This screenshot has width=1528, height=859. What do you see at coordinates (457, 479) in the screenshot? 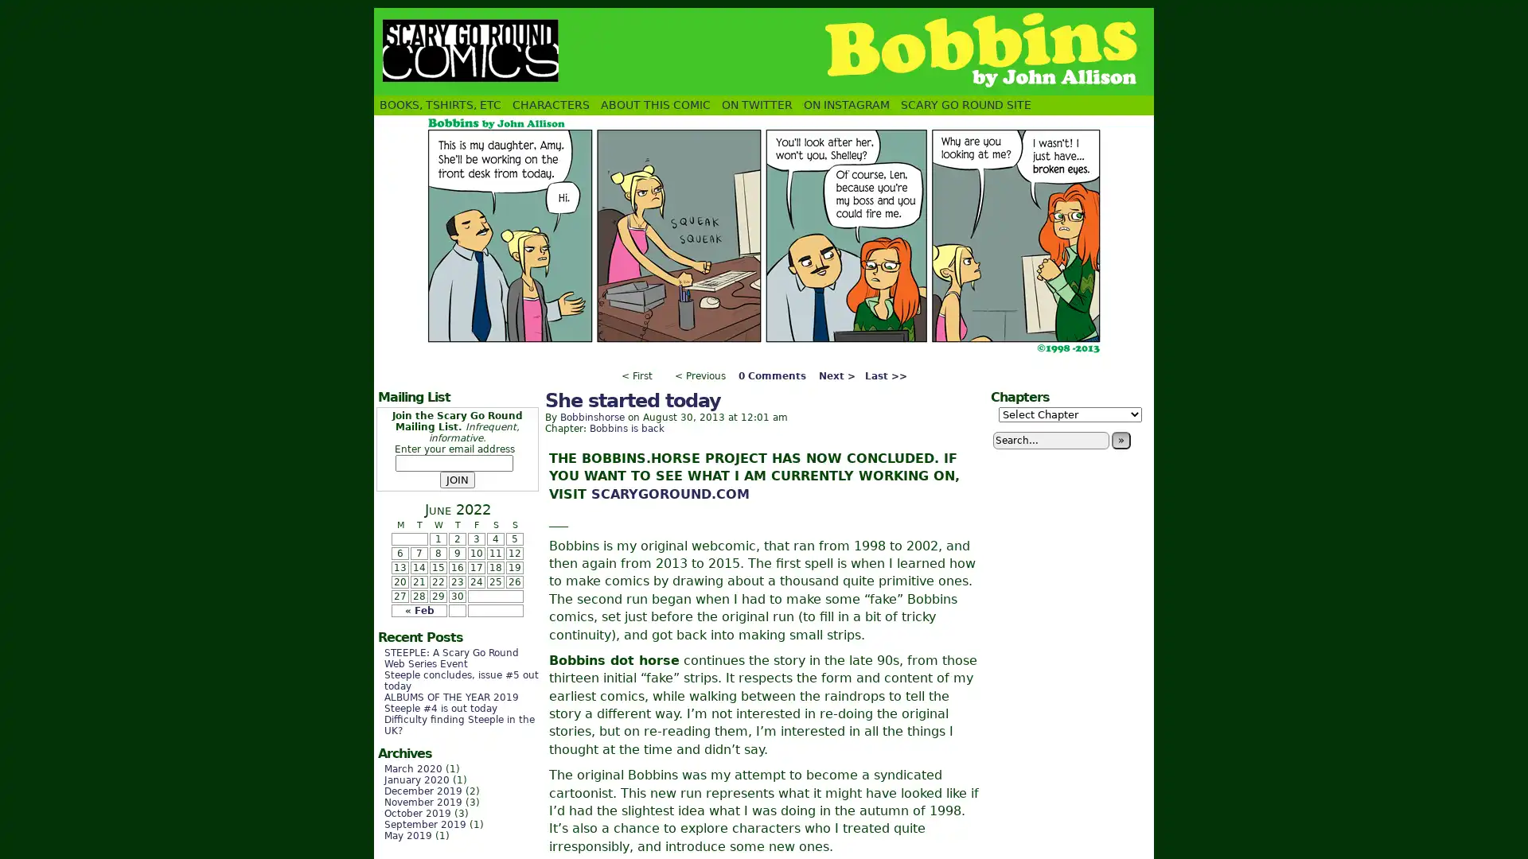
I see `JOIN` at bounding box center [457, 479].